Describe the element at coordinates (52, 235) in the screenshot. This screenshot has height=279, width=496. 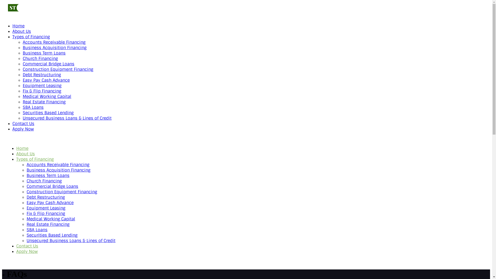
I see `'Securities Based Lending'` at that location.